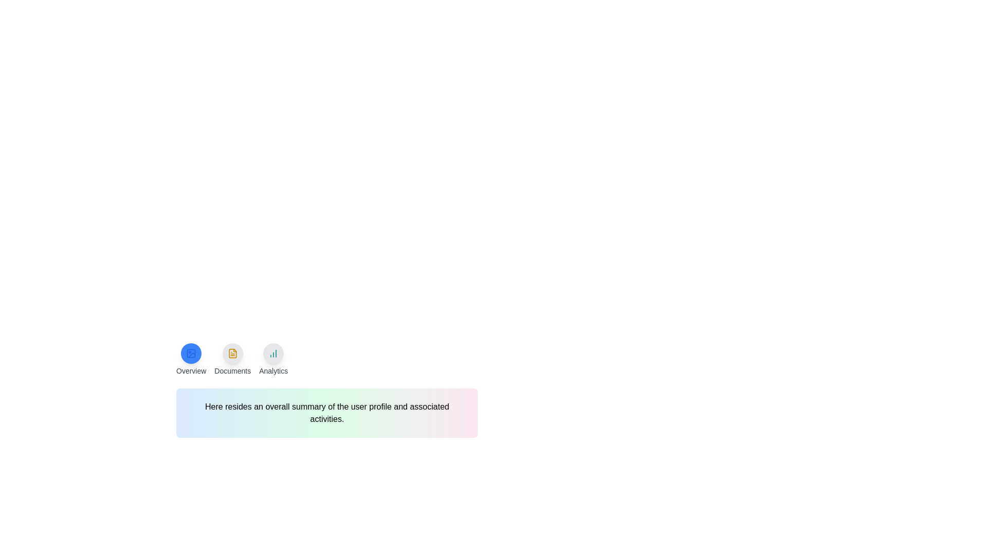 This screenshot has height=555, width=987. What do you see at coordinates (191, 353) in the screenshot?
I see `the rounded rectangle SVG component located within the blue circular 'Overview' icon at the bottom left of the interface` at bounding box center [191, 353].